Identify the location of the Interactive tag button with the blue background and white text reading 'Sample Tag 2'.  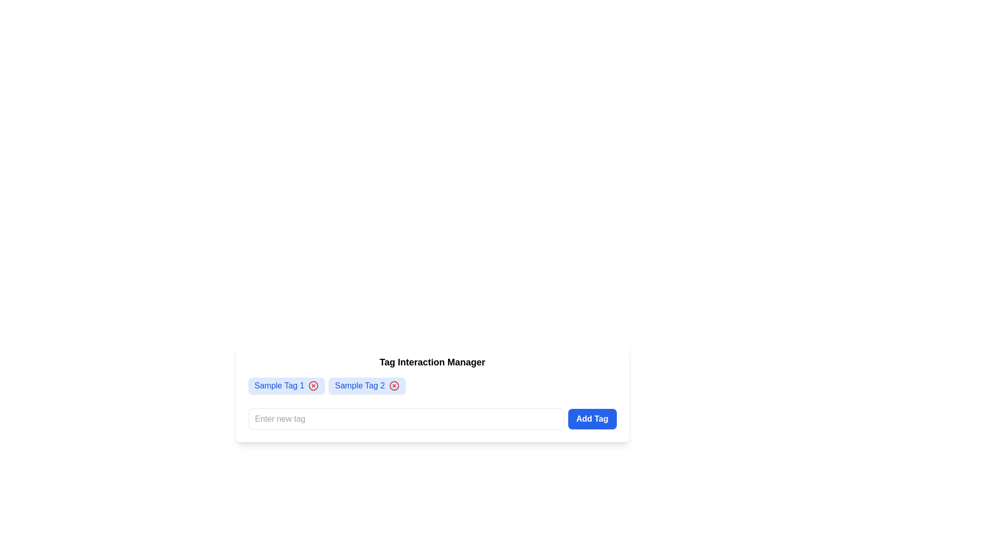
(367, 386).